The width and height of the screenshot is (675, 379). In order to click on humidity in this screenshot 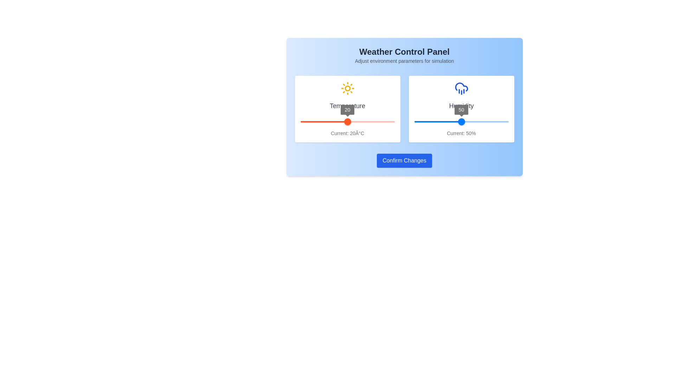, I will do `click(494, 121)`.